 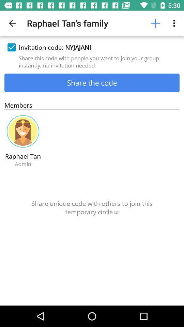 I want to click on the button share the code on the web page, so click(x=92, y=82).